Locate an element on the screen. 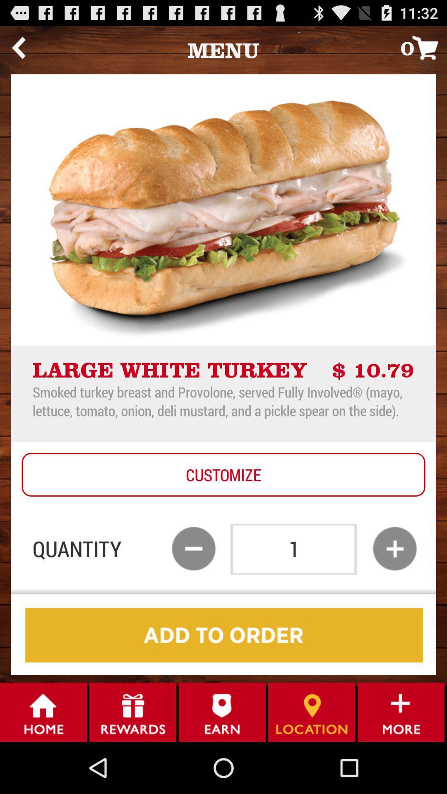 Image resolution: width=447 pixels, height=794 pixels. the 0 app is located at coordinates (423, 47).